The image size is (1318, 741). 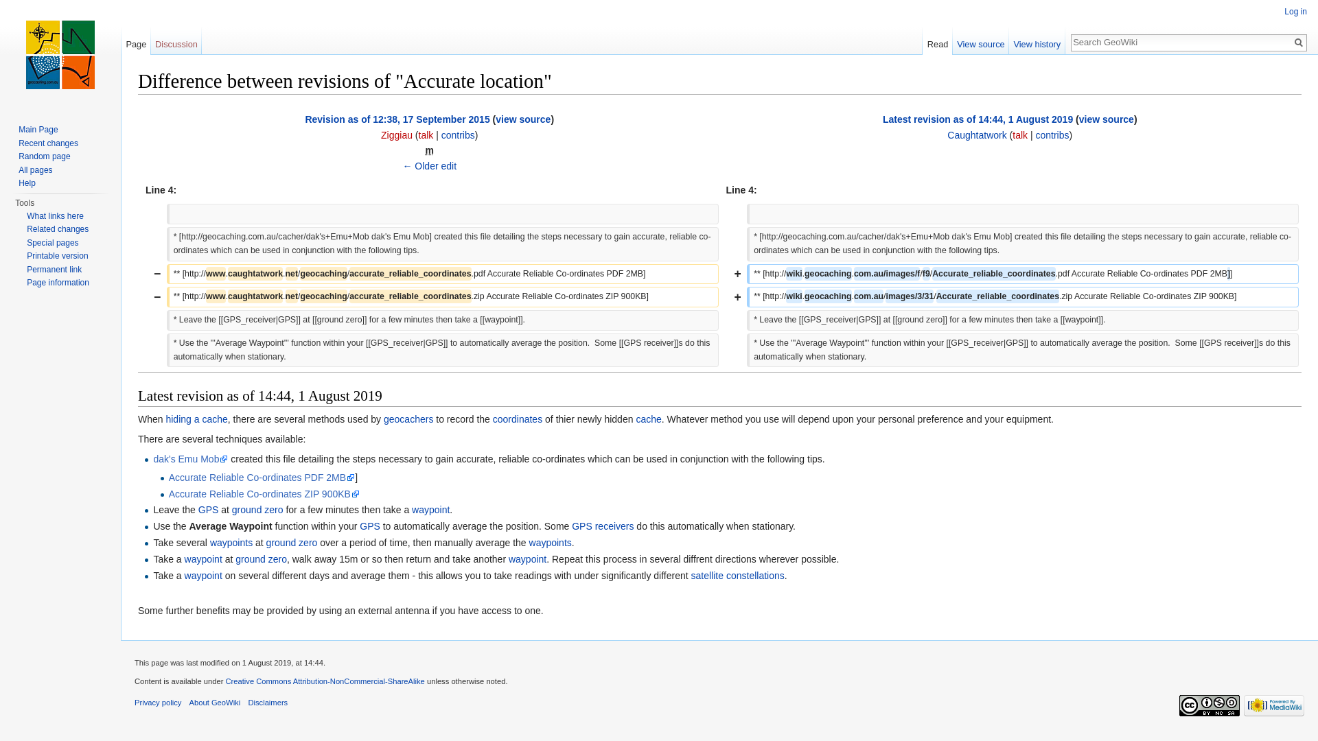 I want to click on 'geocachers', so click(x=408, y=418).